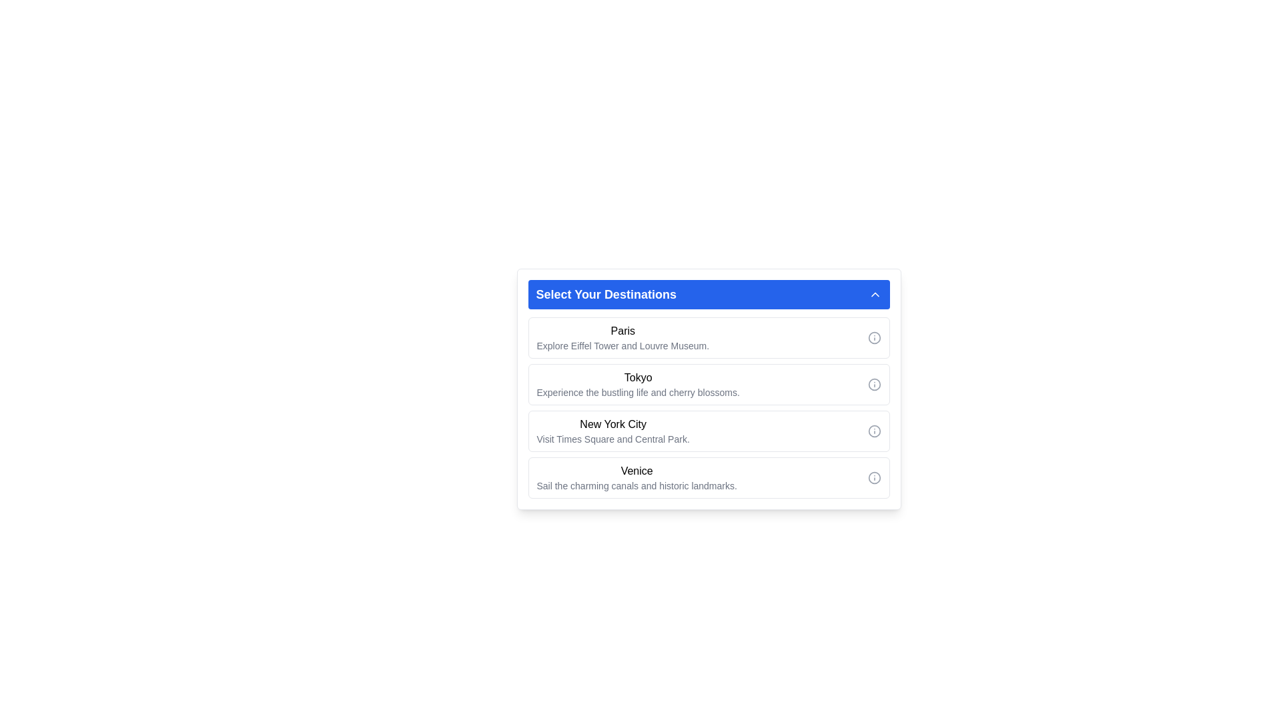  What do you see at coordinates (874, 337) in the screenshot?
I see `the circle shape within the SVG element that indicates status or information, located near the top-right of the 'Paris' section` at bounding box center [874, 337].